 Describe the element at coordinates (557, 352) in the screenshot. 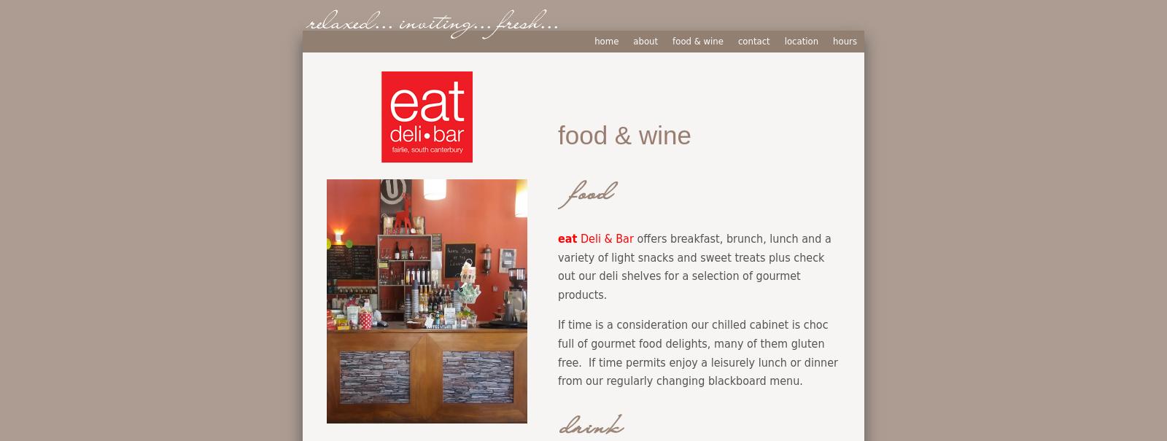

I see `'If time is a consideration our chilled cabinet is choc full of gourmet food delights, many of them gluten free.  If time permits enjoy a leisurely lunch or dinner from our regularly changing blackboard menu.'` at that location.